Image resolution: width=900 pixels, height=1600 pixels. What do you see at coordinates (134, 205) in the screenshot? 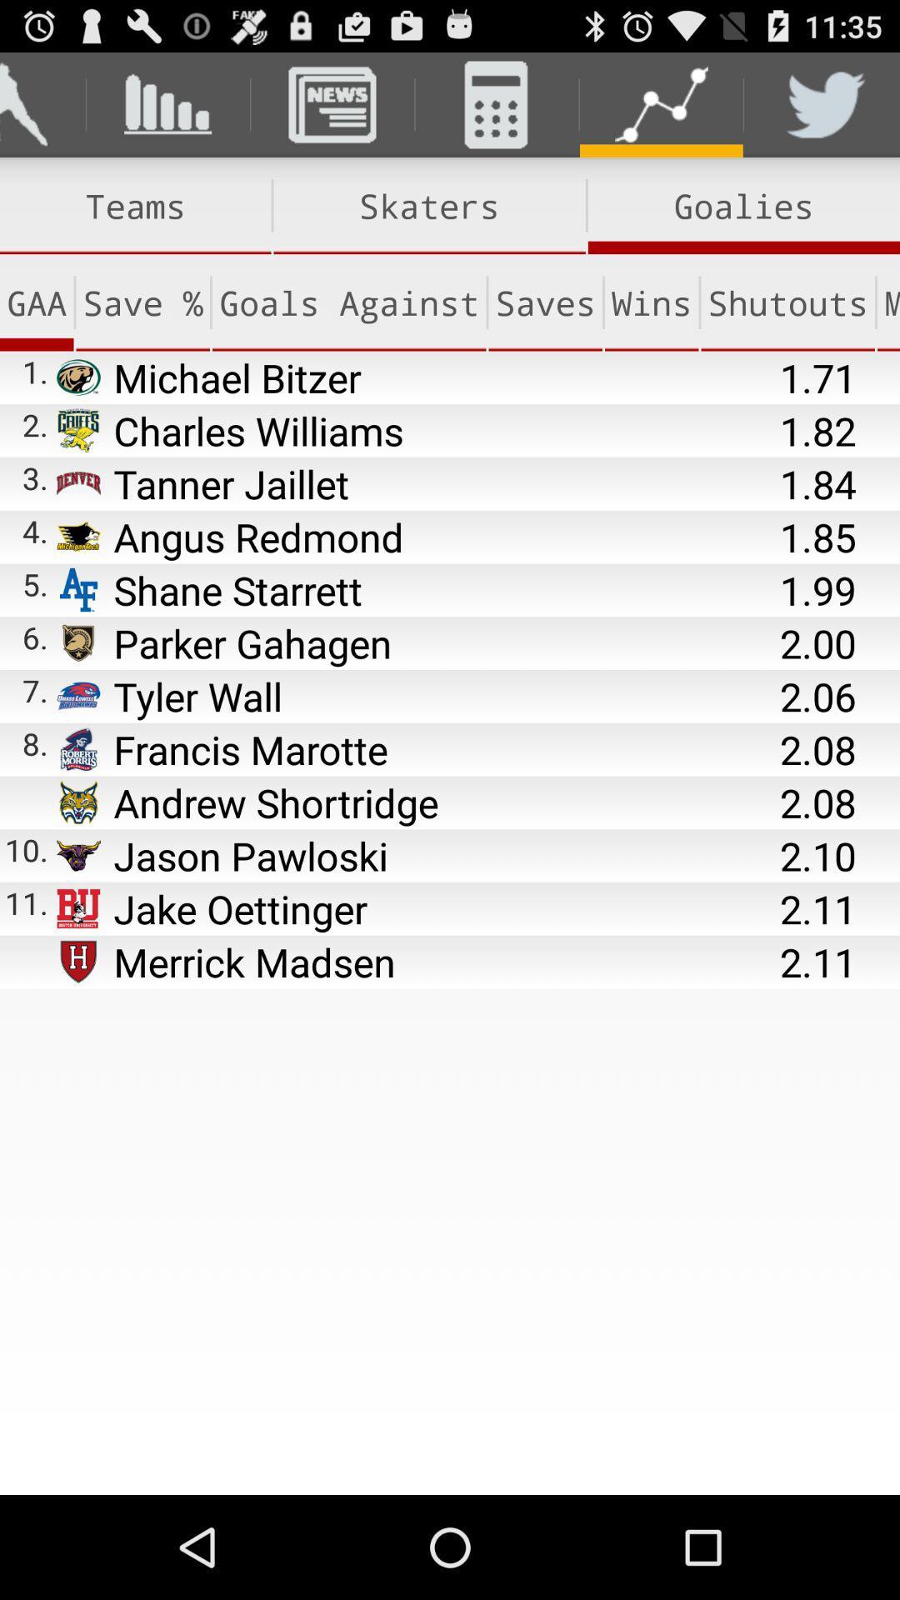
I see `the item next to the skaters item` at bounding box center [134, 205].